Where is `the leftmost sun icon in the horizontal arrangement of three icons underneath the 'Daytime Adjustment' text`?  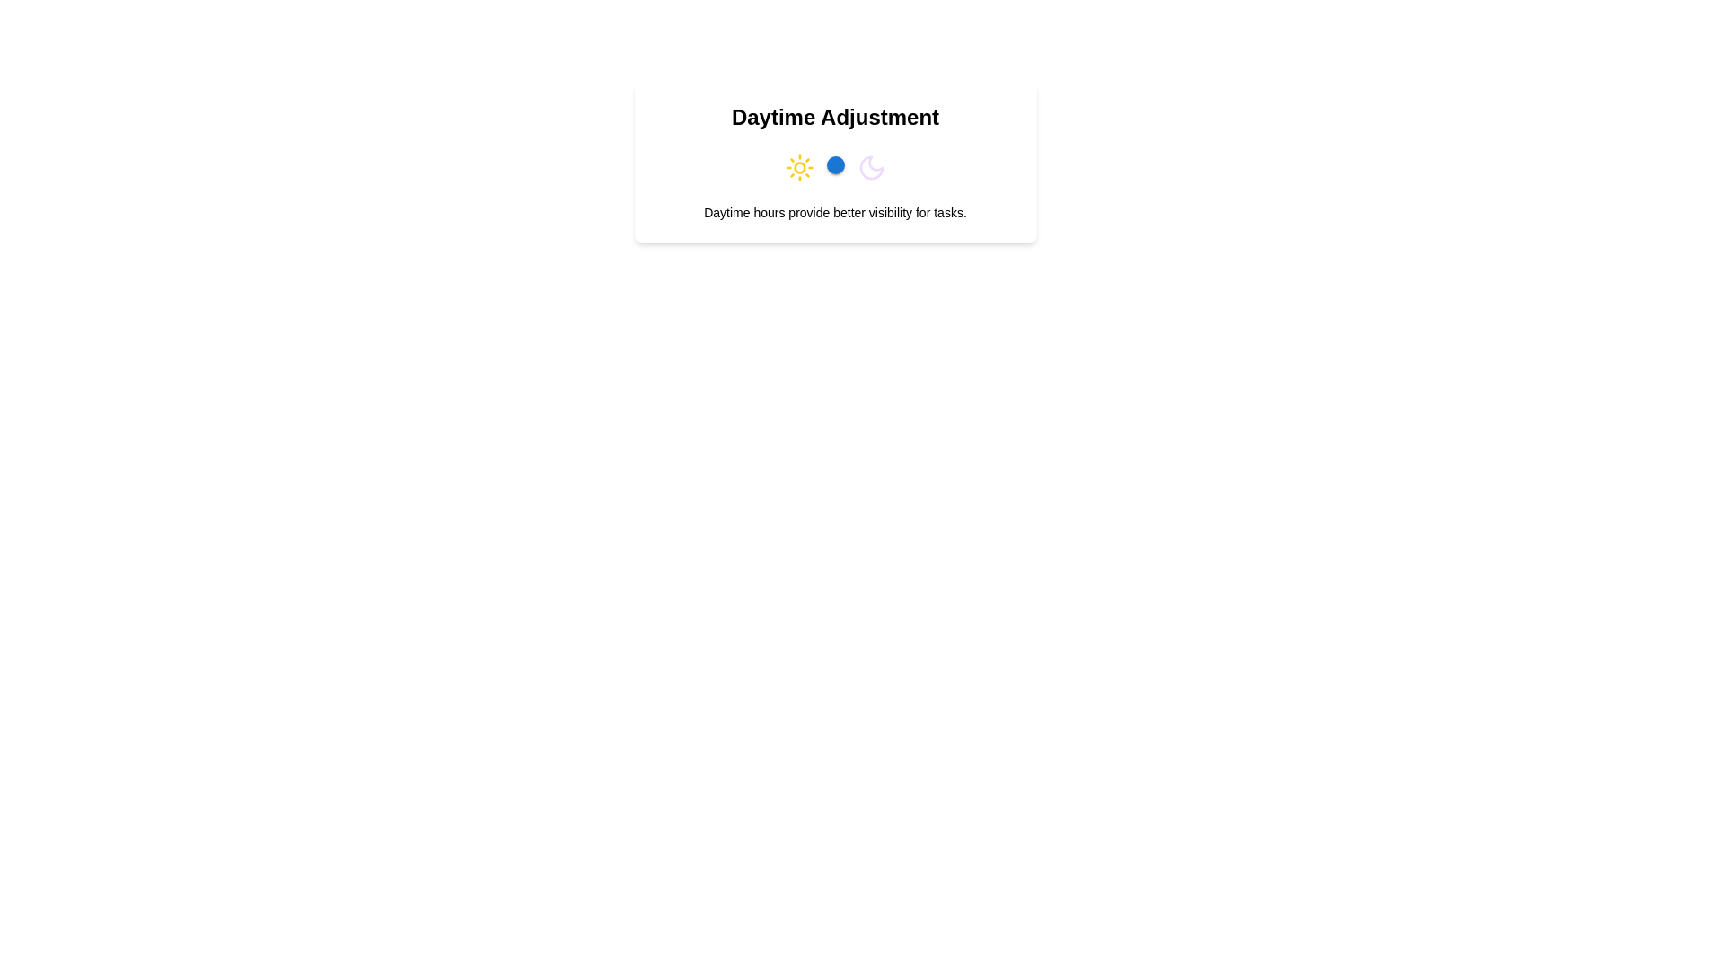
the leftmost sun icon in the horizontal arrangement of three icons underneath the 'Daytime Adjustment' text is located at coordinates (798, 167).